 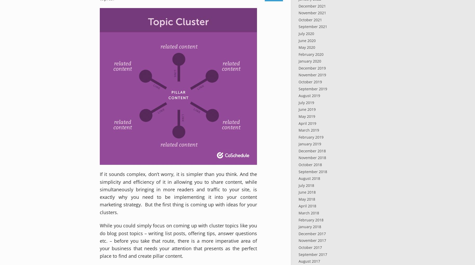 What do you see at coordinates (310, 19) in the screenshot?
I see `'October 2021'` at bounding box center [310, 19].